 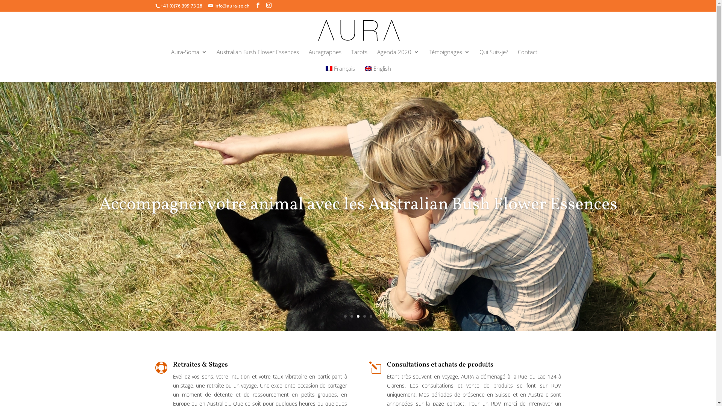 I want to click on '4', so click(x=364, y=316).